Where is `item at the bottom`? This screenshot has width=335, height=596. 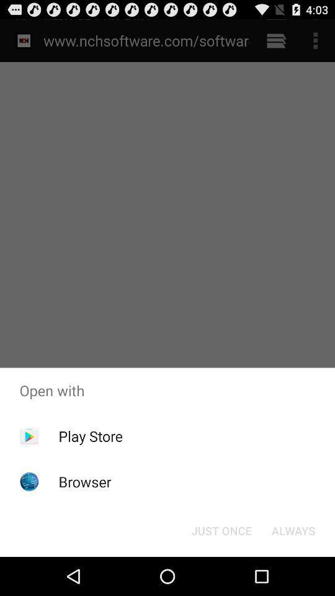 item at the bottom is located at coordinates (221, 530).